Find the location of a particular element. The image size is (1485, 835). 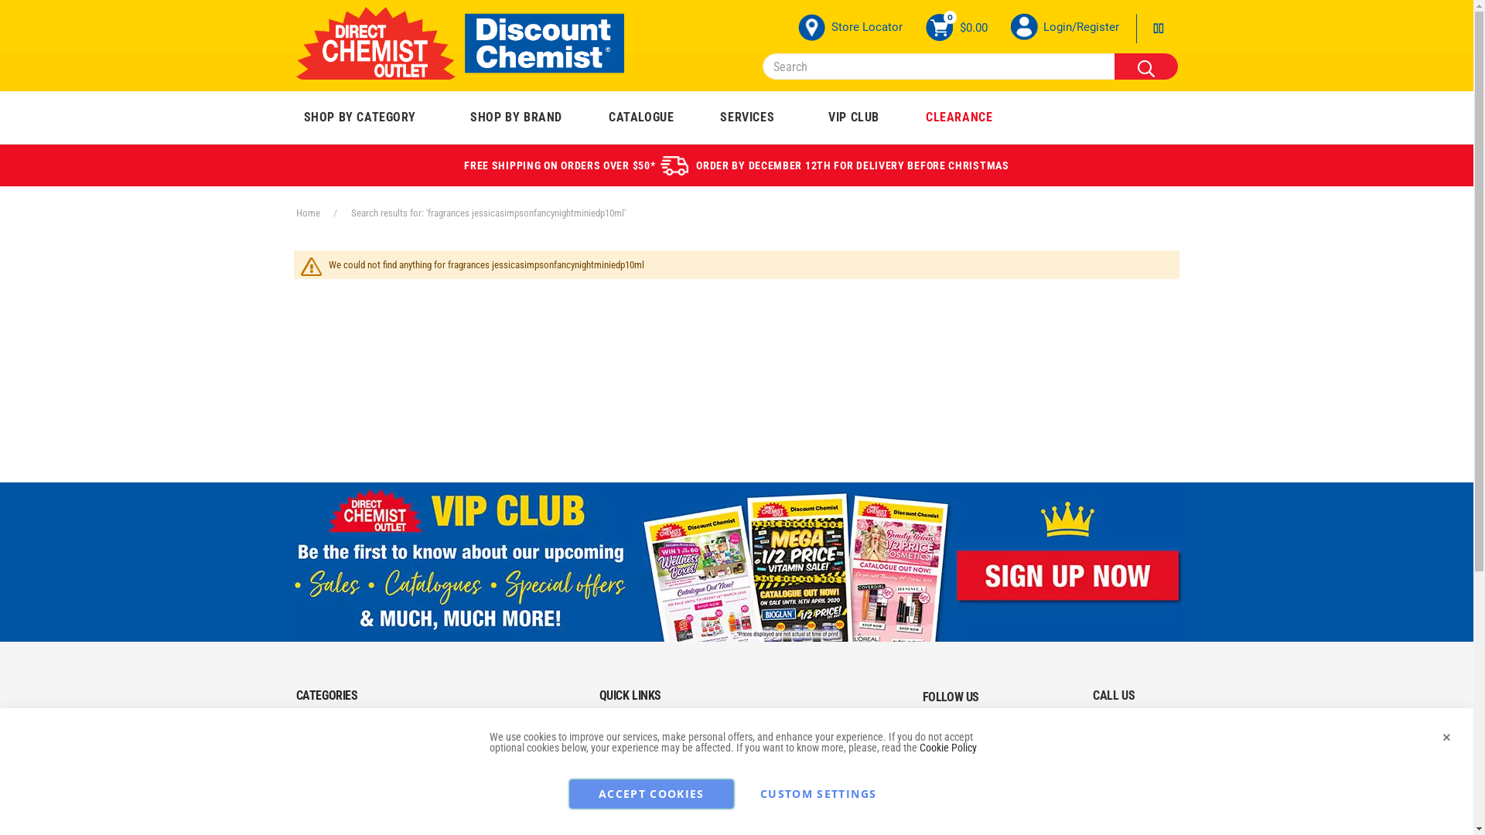

'Vitamins' is located at coordinates (297, 757).